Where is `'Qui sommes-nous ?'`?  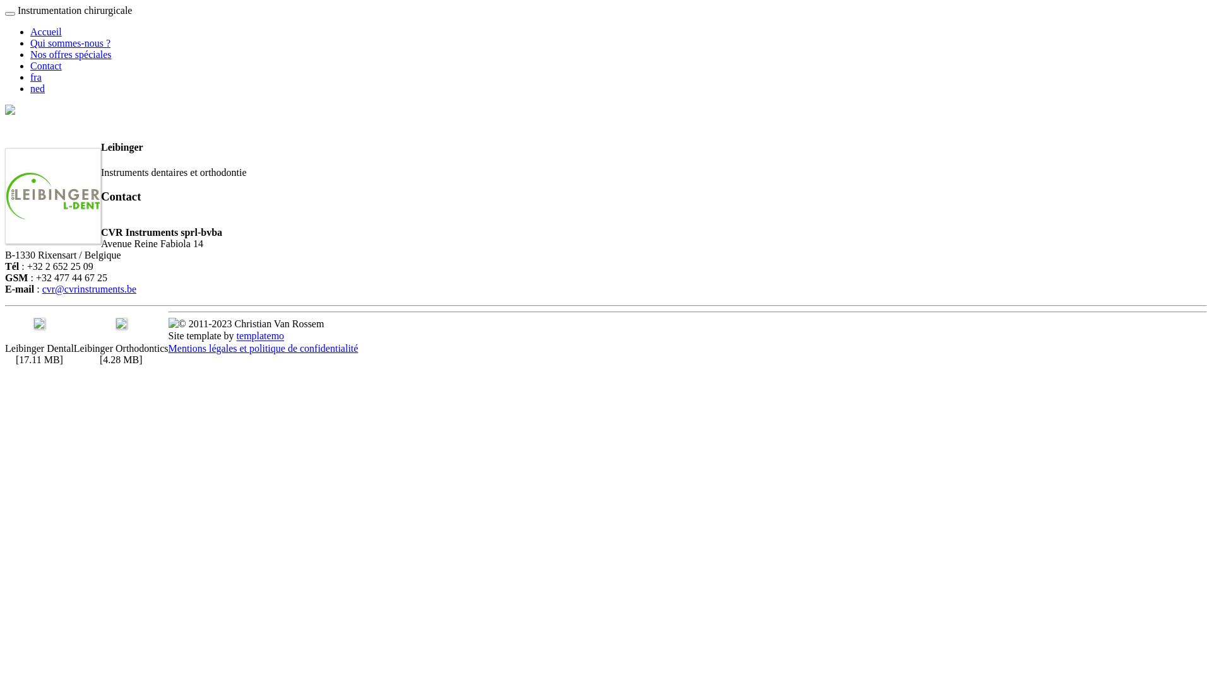 'Qui sommes-nous ?' is located at coordinates (69, 42).